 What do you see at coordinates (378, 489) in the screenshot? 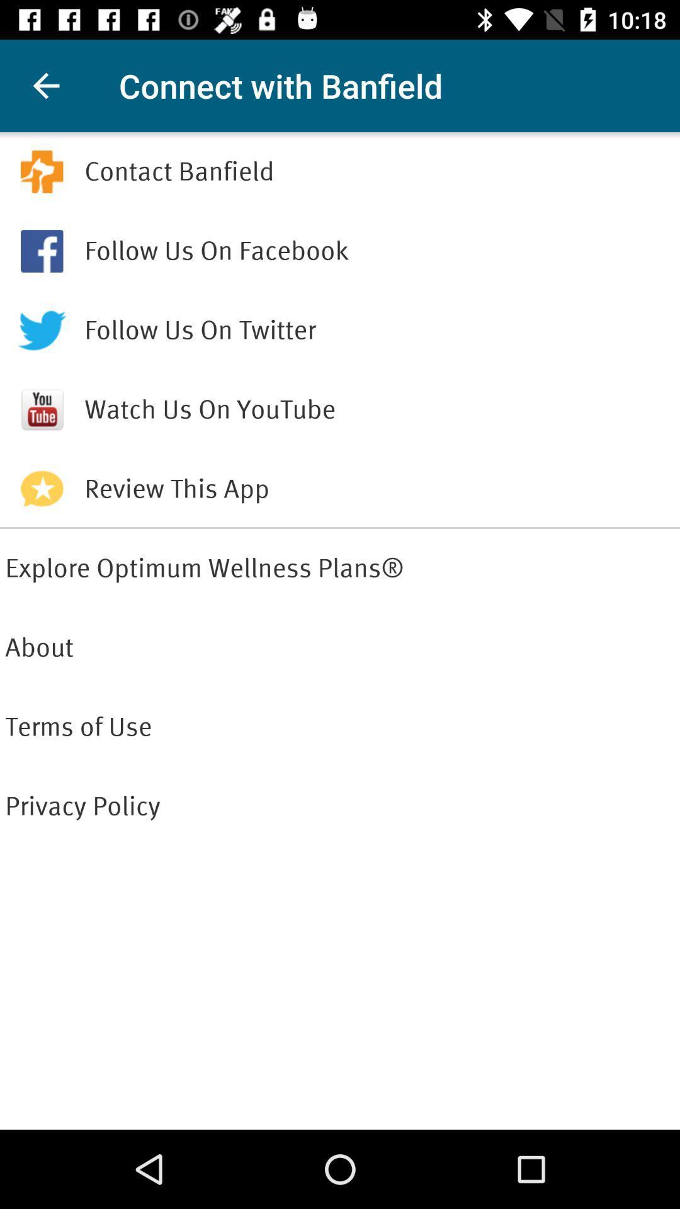
I see `review this app item` at bounding box center [378, 489].